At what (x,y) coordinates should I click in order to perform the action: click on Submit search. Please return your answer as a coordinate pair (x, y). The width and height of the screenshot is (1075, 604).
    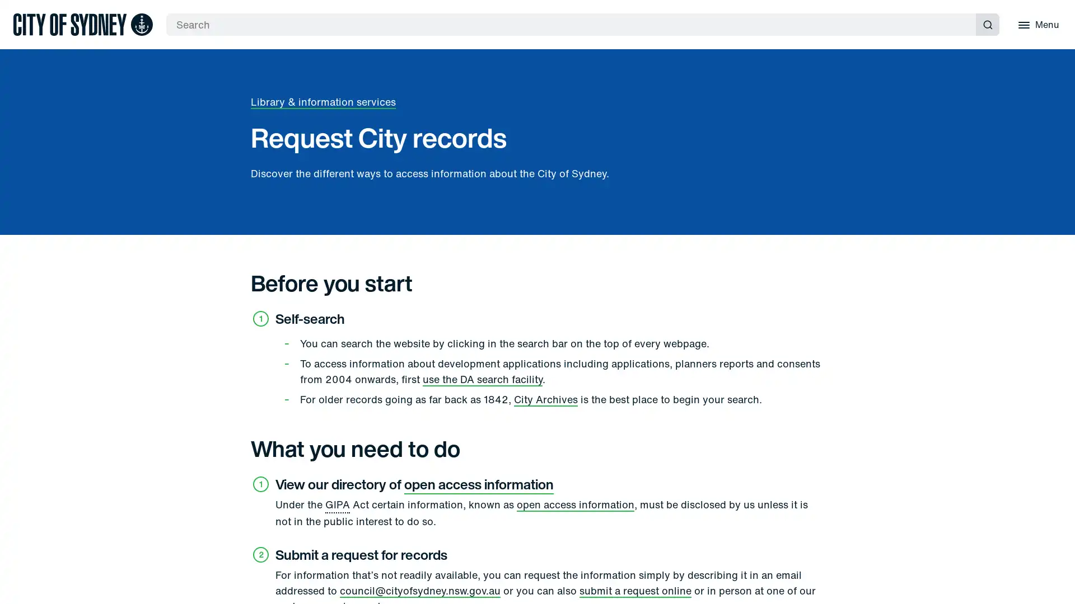
    Looking at the image, I should click on (987, 24).